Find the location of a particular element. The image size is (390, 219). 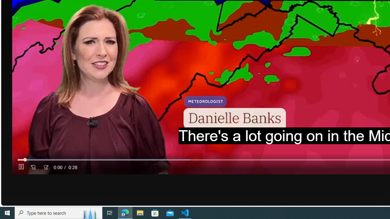

'Seek Forward' is located at coordinates (45, 167).